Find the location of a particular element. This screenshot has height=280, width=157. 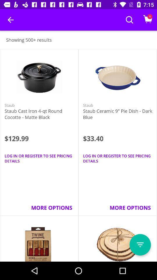

open menu is located at coordinates (140, 245).